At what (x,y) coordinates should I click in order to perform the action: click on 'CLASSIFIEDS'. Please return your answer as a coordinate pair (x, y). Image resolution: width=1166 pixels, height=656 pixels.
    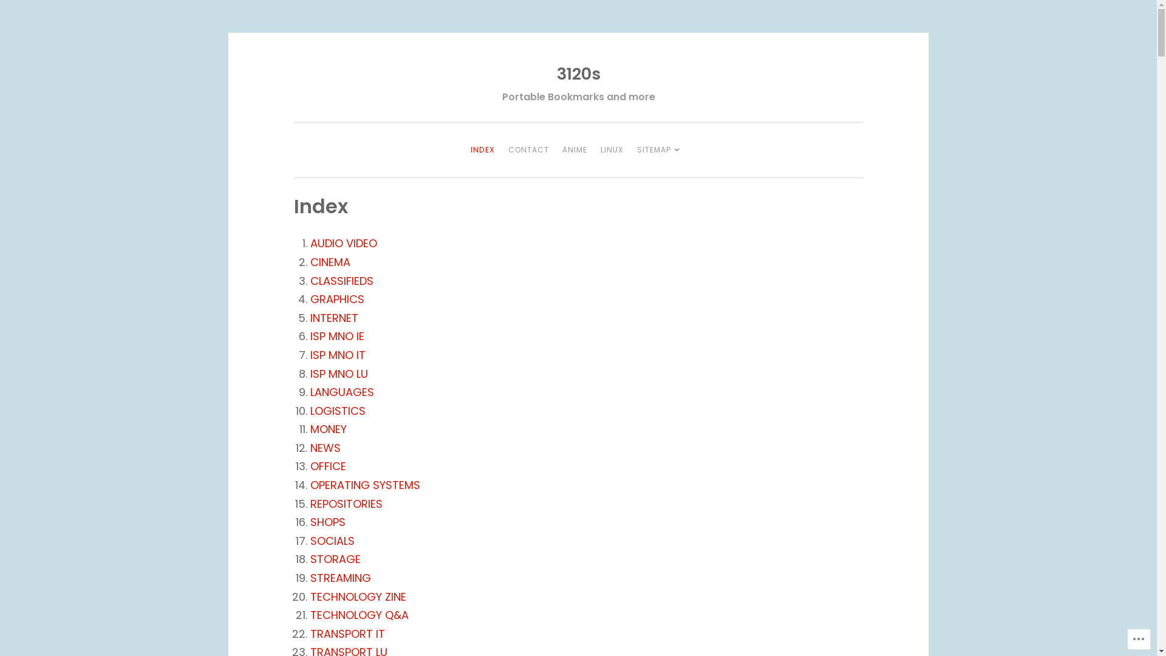
    Looking at the image, I should click on (341, 281).